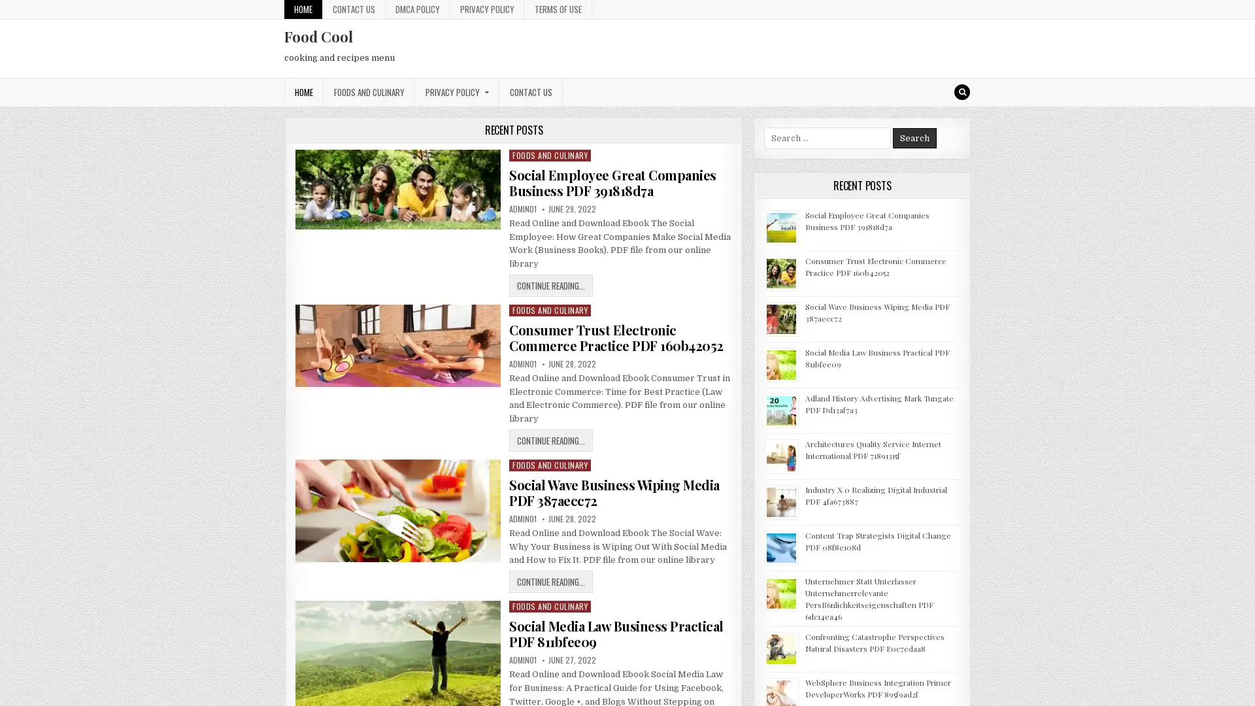  I want to click on Search, so click(914, 138).